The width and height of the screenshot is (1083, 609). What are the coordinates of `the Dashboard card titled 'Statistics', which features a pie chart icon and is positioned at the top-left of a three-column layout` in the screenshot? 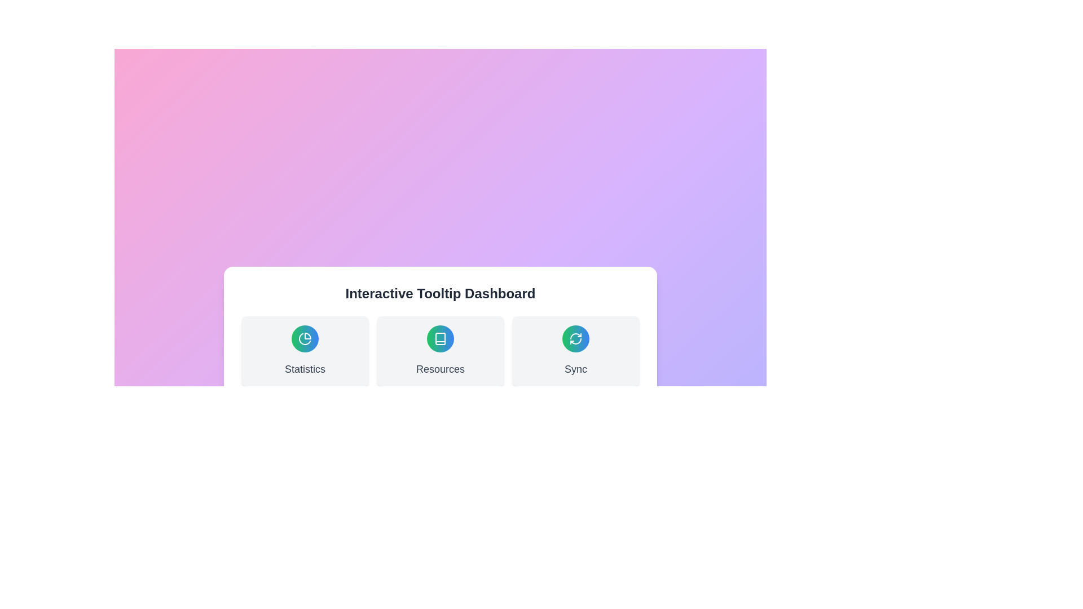 It's located at (305, 351).